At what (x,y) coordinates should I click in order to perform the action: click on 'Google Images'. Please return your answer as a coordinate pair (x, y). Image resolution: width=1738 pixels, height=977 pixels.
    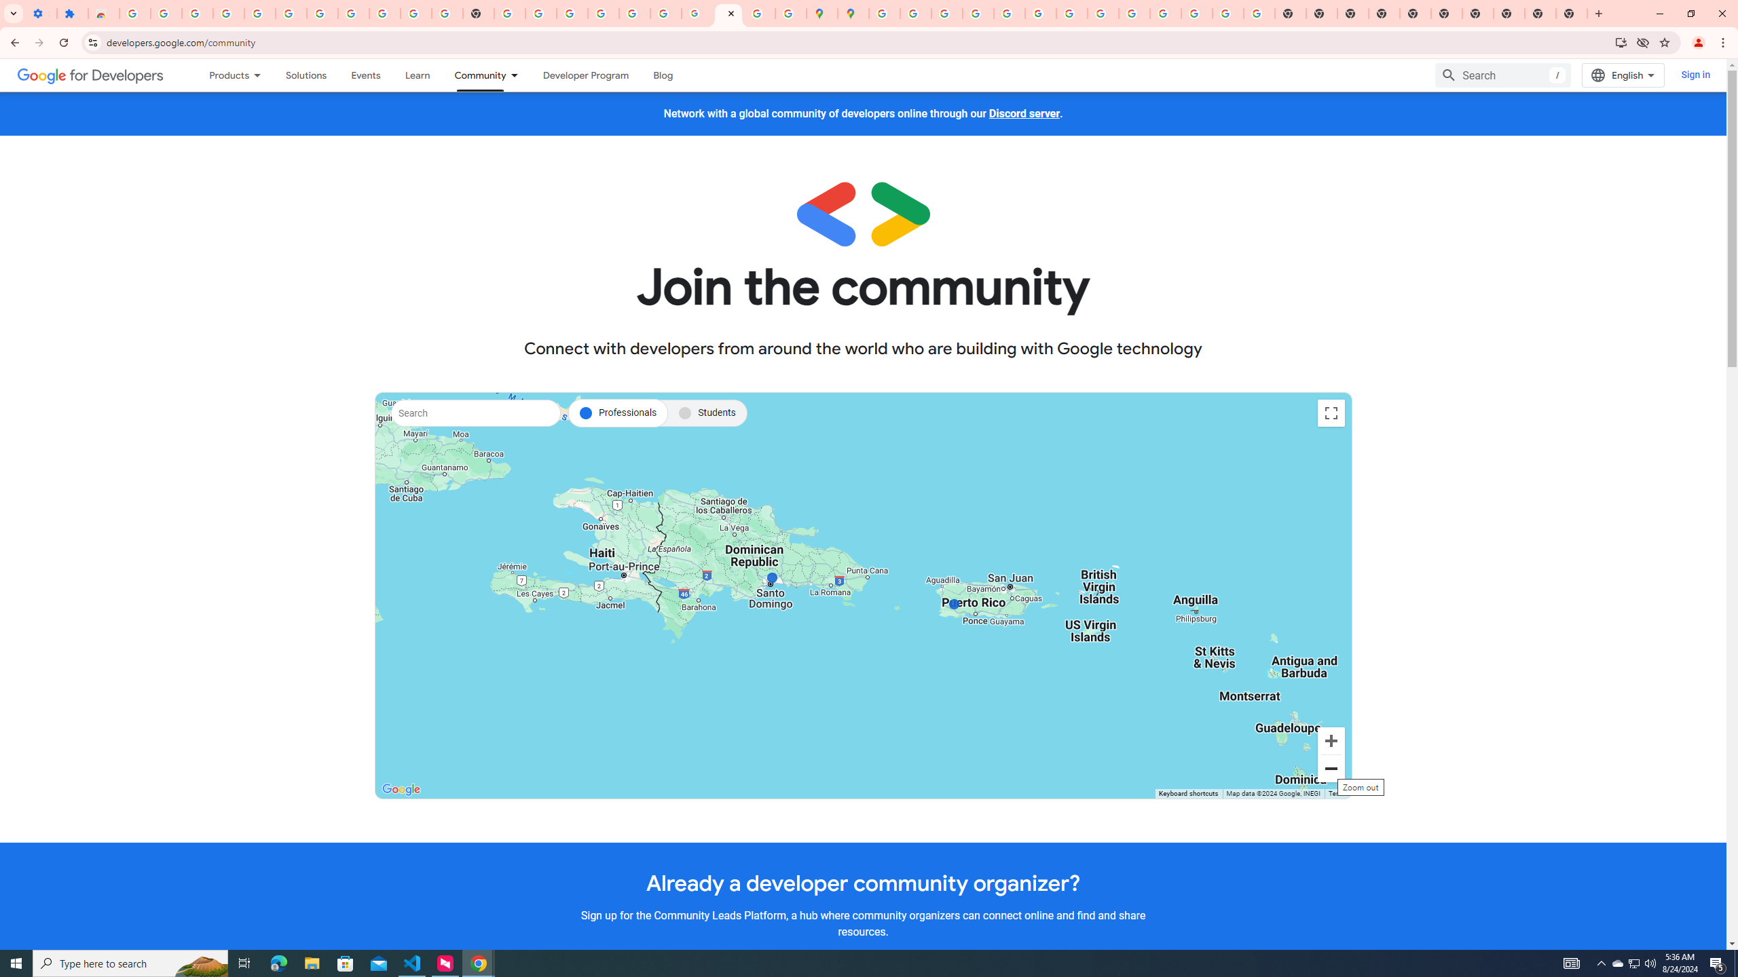
    Looking at the image, I should click on (1259, 13).